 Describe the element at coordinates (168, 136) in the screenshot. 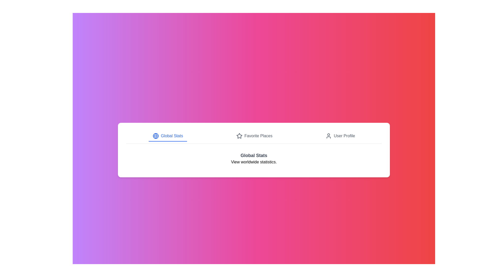

I see `the 'Global Stats' navigation button, which is the first button in a group containing 'Global Stats', 'Favorite Places', and 'User Profile'` at that location.